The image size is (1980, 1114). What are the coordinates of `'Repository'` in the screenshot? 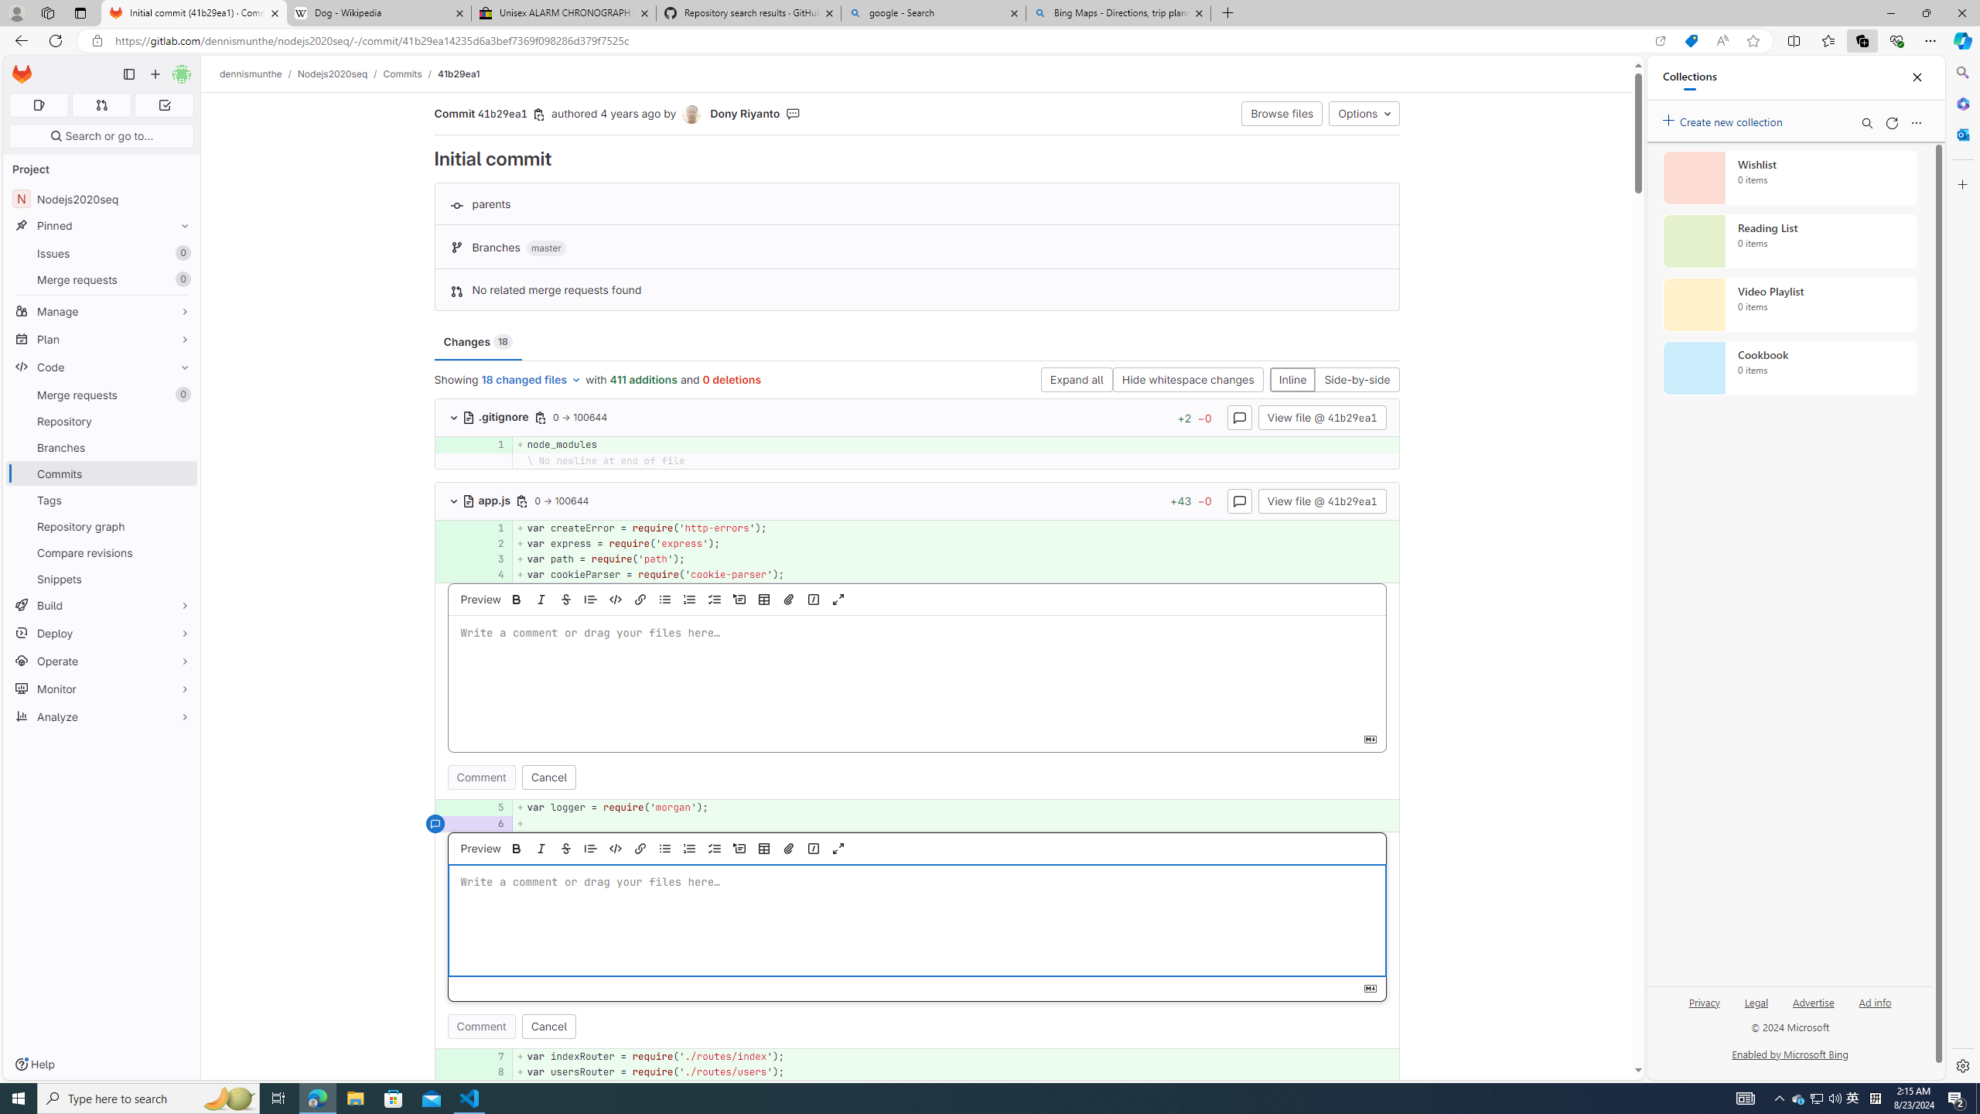 It's located at (101, 421).